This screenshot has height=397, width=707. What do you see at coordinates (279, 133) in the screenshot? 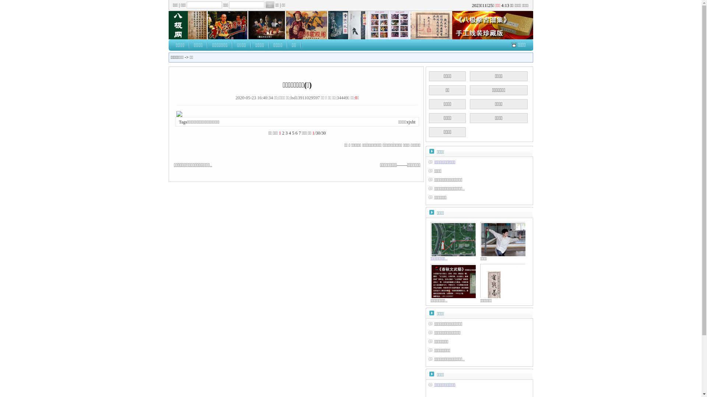
I see `'1'` at bounding box center [279, 133].